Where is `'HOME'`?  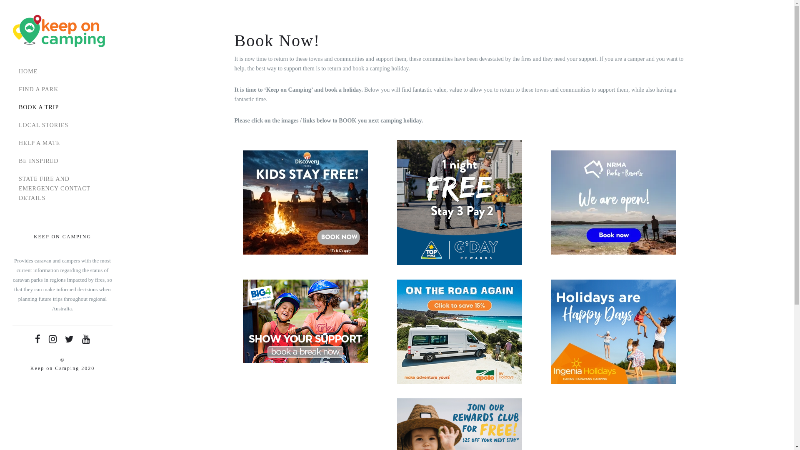 'HOME' is located at coordinates (62, 71).